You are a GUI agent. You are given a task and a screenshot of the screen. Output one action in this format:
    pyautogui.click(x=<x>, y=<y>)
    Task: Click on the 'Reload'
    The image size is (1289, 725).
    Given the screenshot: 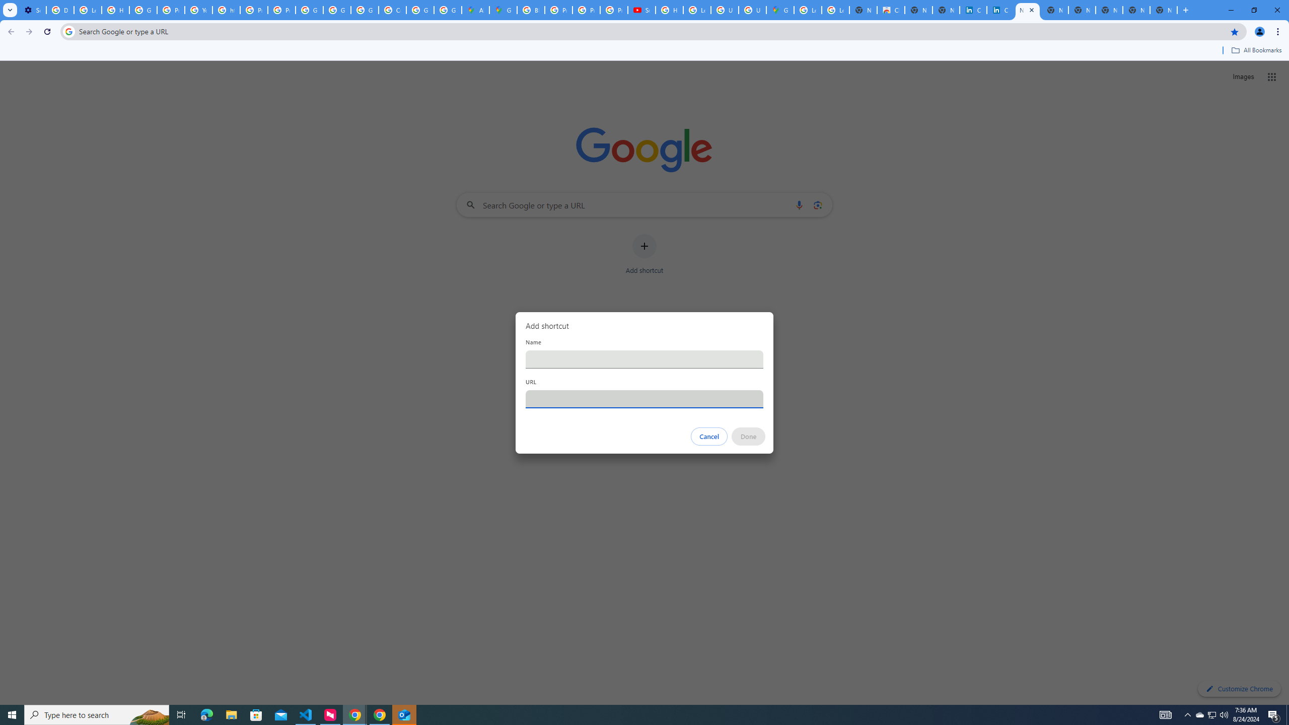 What is the action you would take?
    pyautogui.click(x=47, y=31)
    